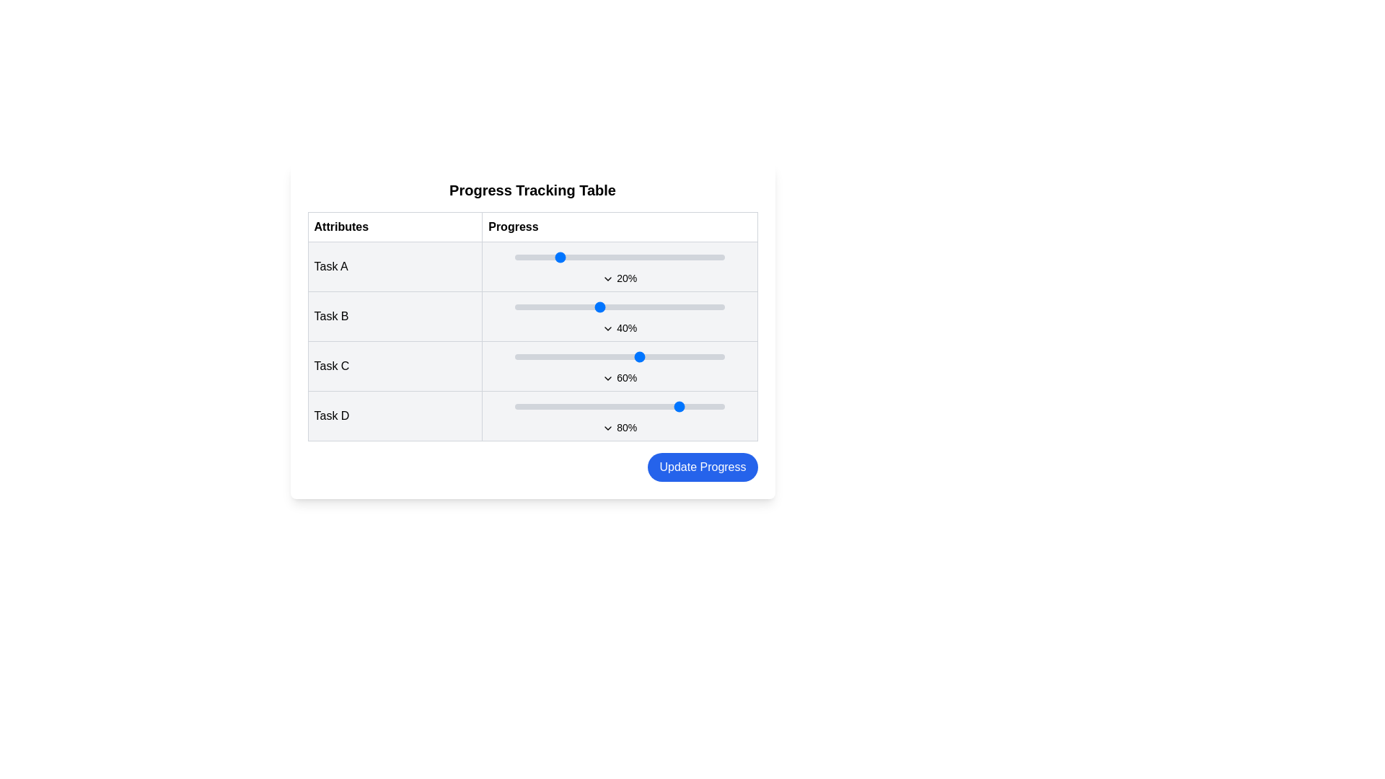 The image size is (1385, 779). Describe the element at coordinates (524, 306) in the screenshot. I see `the progress for task B` at that location.